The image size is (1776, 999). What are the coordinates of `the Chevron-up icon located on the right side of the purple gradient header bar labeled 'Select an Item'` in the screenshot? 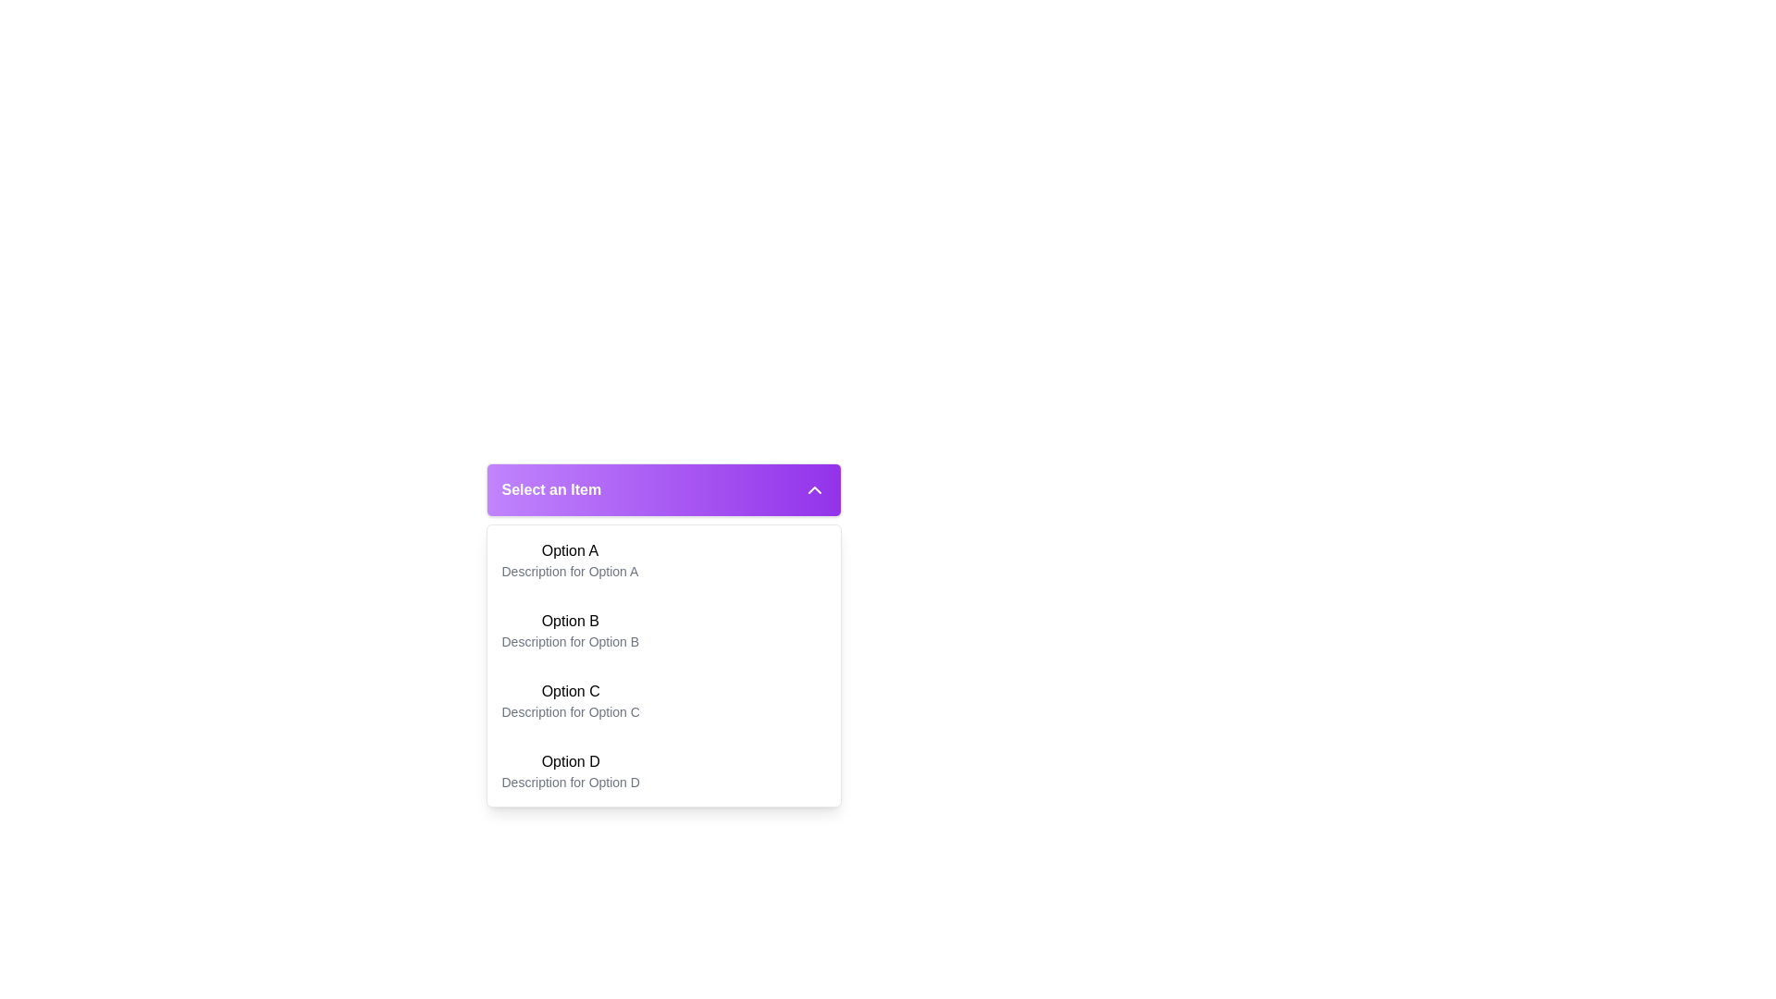 It's located at (814, 488).